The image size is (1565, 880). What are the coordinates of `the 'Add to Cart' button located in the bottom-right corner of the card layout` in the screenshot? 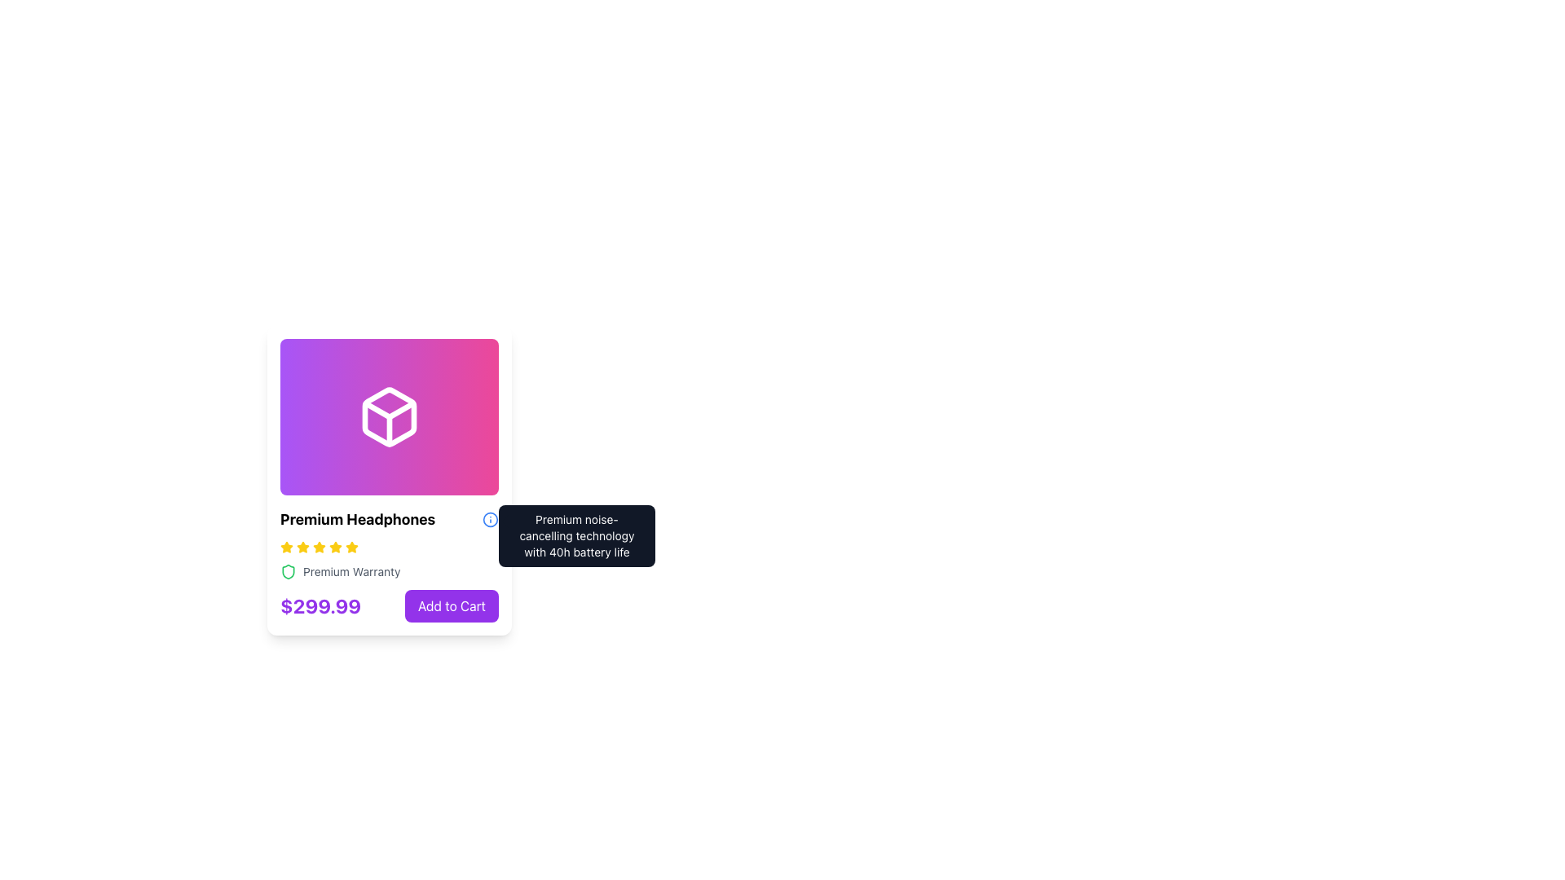 It's located at (452, 606).